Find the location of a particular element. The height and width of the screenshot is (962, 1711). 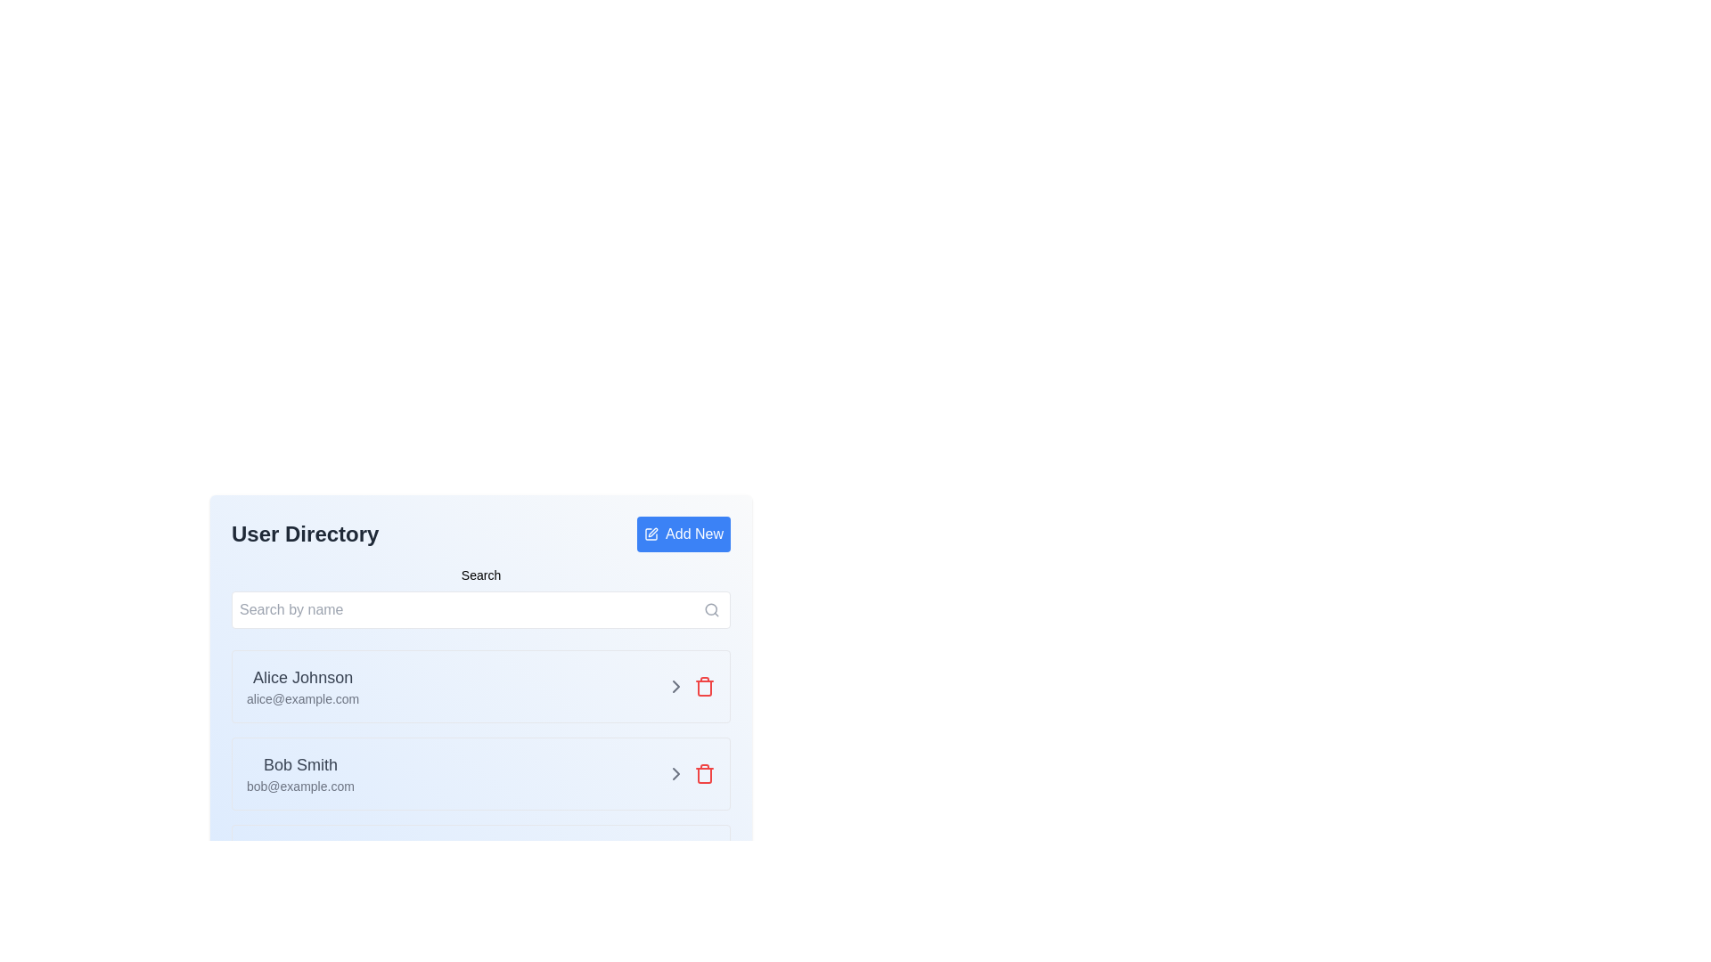

the search icon located at the right end of the search bar, aligned with the placeholder text 'Search by name' is located at coordinates (710, 609).